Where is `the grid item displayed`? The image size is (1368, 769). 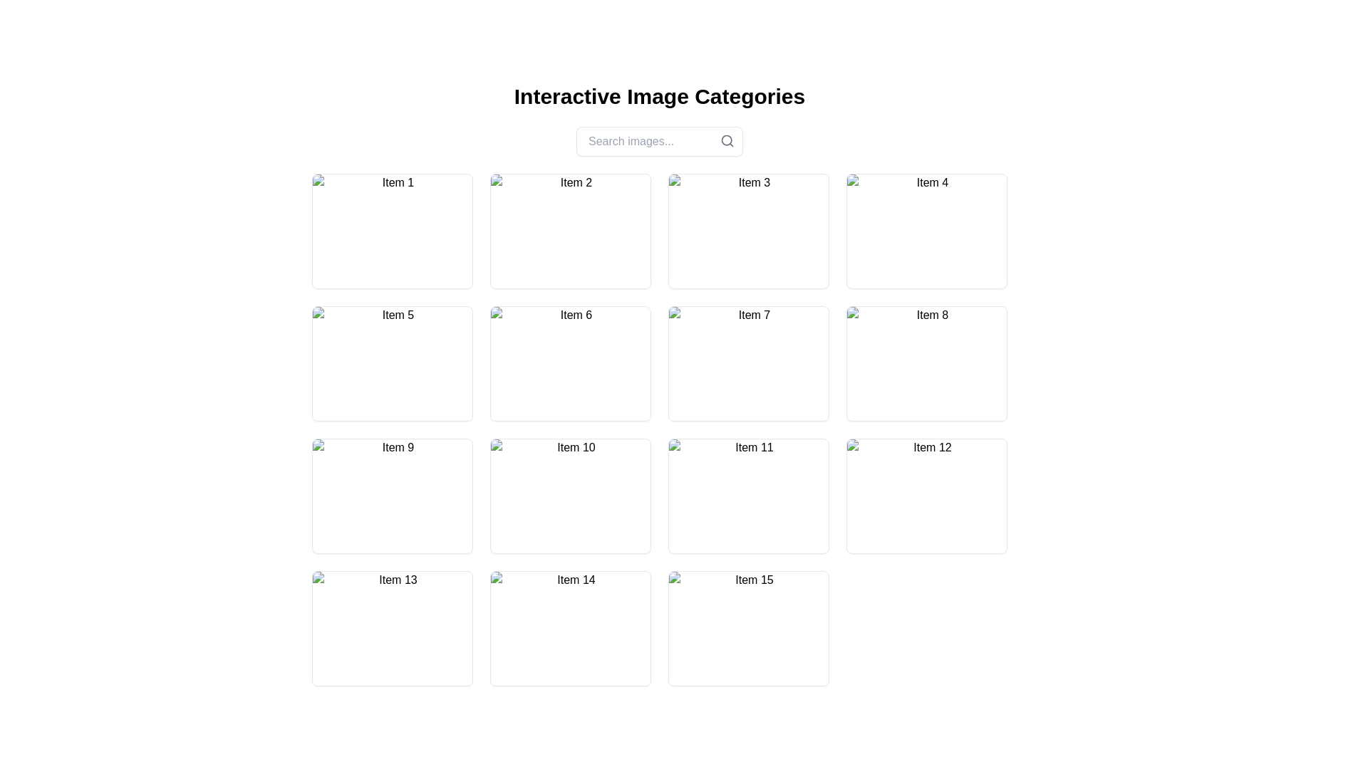 the grid item displayed is located at coordinates (393, 488).